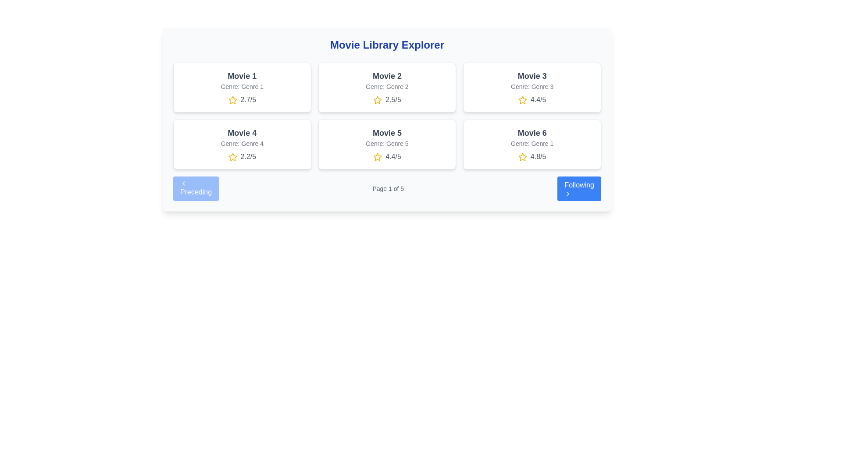  What do you see at coordinates (242, 75) in the screenshot?
I see `the text label displaying 'Movie 1', which is located at the top-left corner of a movie card in a grid layout` at bounding box center [242, 75].